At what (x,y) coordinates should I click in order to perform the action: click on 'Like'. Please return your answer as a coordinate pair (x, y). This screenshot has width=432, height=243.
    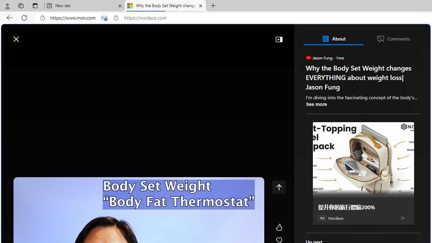
    Looking at the image, I should click on (279, 227).